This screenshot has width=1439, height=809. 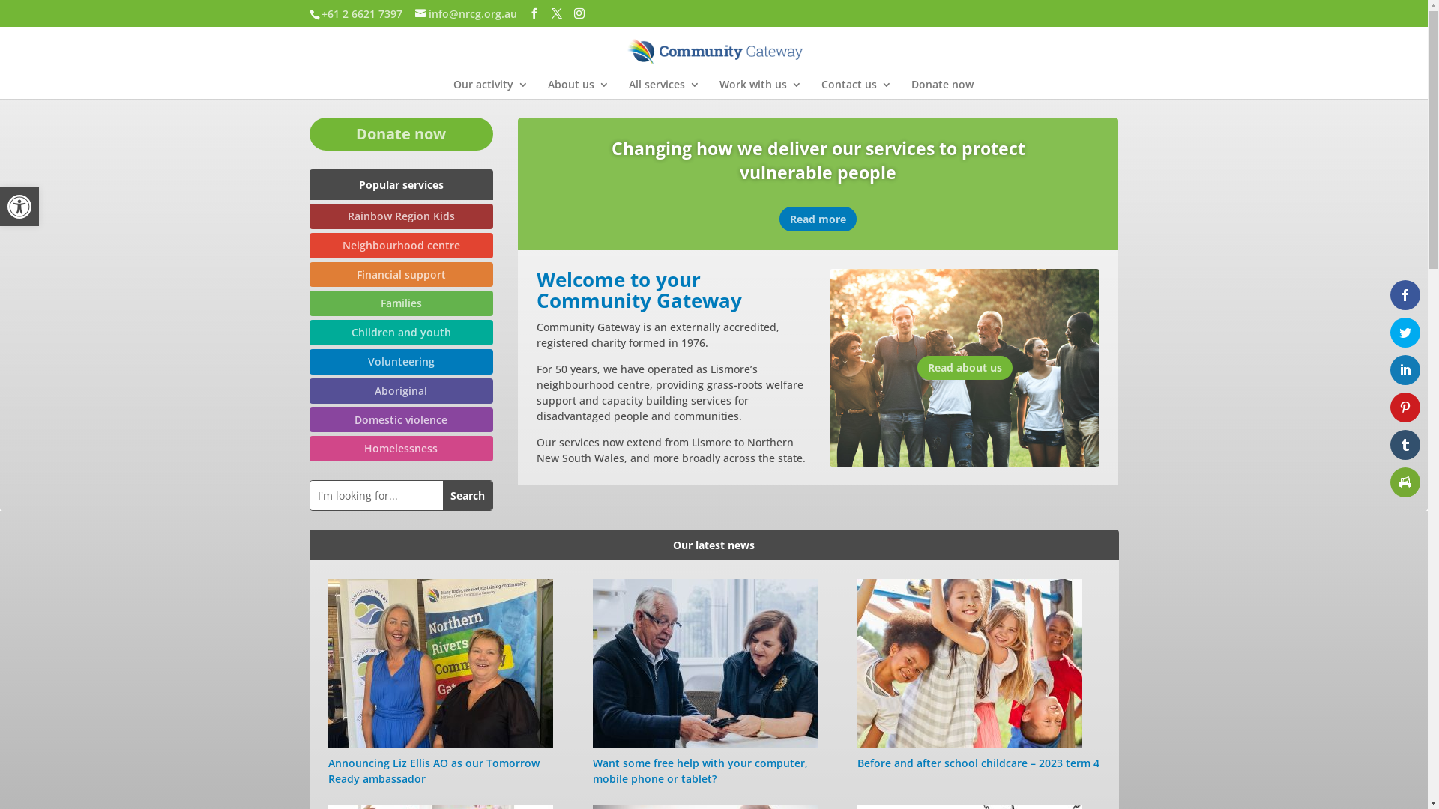 What do you see at coordinates (663, 89) in the screenshot?
I see `'All services'` at bounding box center [663, 89].